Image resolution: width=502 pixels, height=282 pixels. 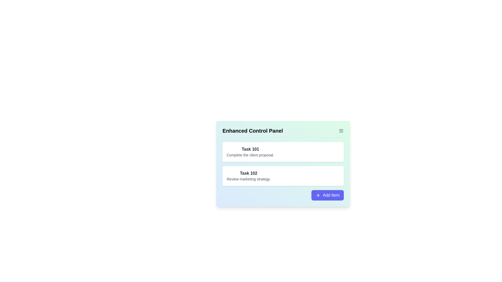 What do you see at coordinates (283, 176) in the screenshot?
I see `the 'Task 102' card with a white background and rounded corners` at bounding box center [283, 176].